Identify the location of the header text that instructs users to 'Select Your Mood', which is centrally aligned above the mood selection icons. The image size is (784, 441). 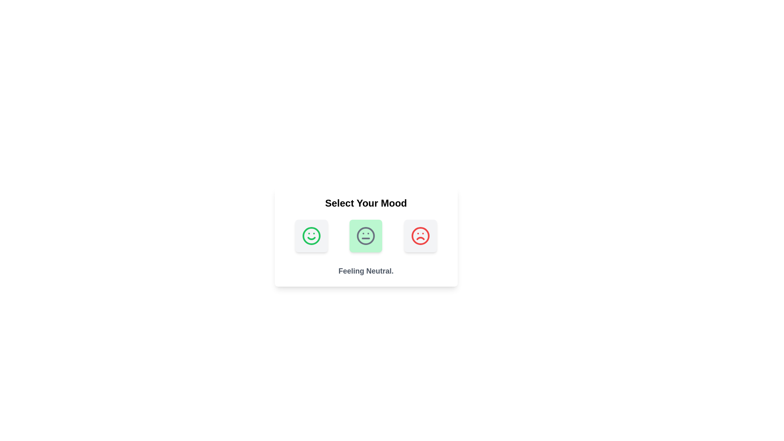
(365, 203).